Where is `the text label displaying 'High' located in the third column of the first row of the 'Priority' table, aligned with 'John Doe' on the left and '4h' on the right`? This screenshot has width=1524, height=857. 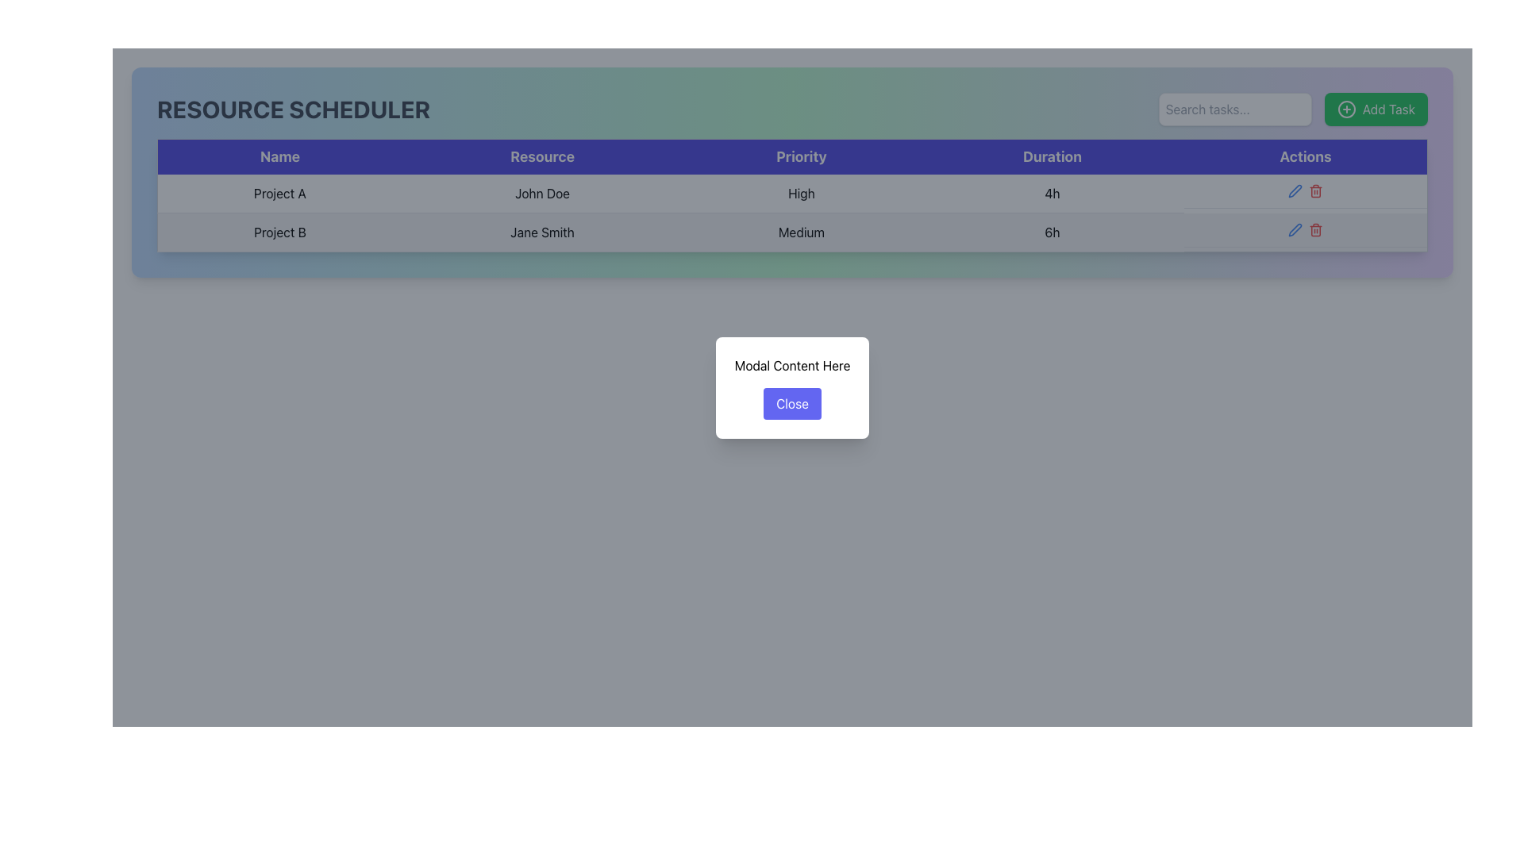
the text label displaying 'High' located in the third column of the first row of the 'Priority' table, aligned with 'John Doe' on the left and '4h' on the right is located at coordinates (801, 193).